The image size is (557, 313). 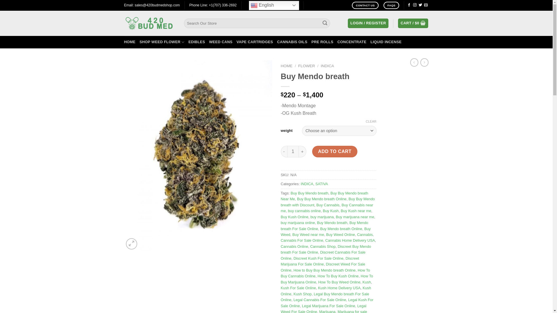 I want to click on 'SATIVA', so click(x=321, y=184).